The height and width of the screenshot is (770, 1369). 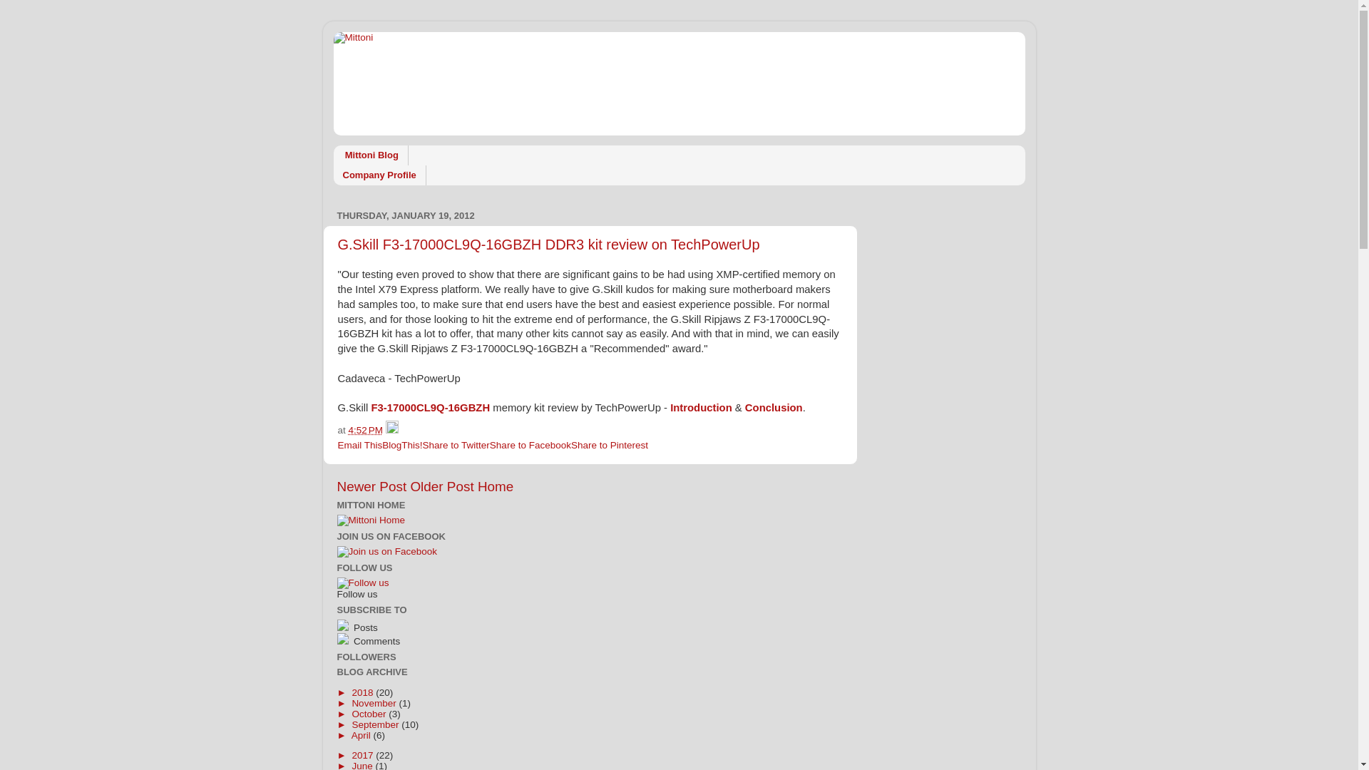 What do you see at coordinates (430, 407) in the screenshot?
I see `'F3-17000CL9Q-16GBZH'` at bounding box center [430, 407].